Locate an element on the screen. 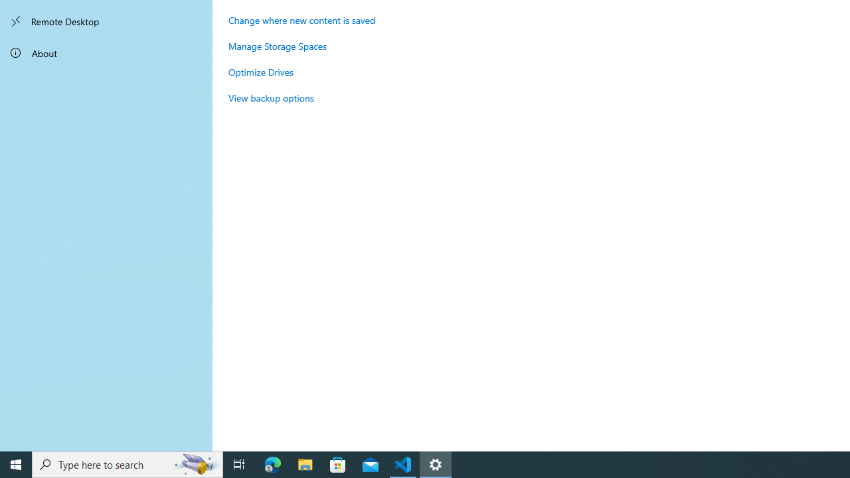 This screenshot has width=850, height=478. 'Remote Desktop' is located at coordinates (106, 21).